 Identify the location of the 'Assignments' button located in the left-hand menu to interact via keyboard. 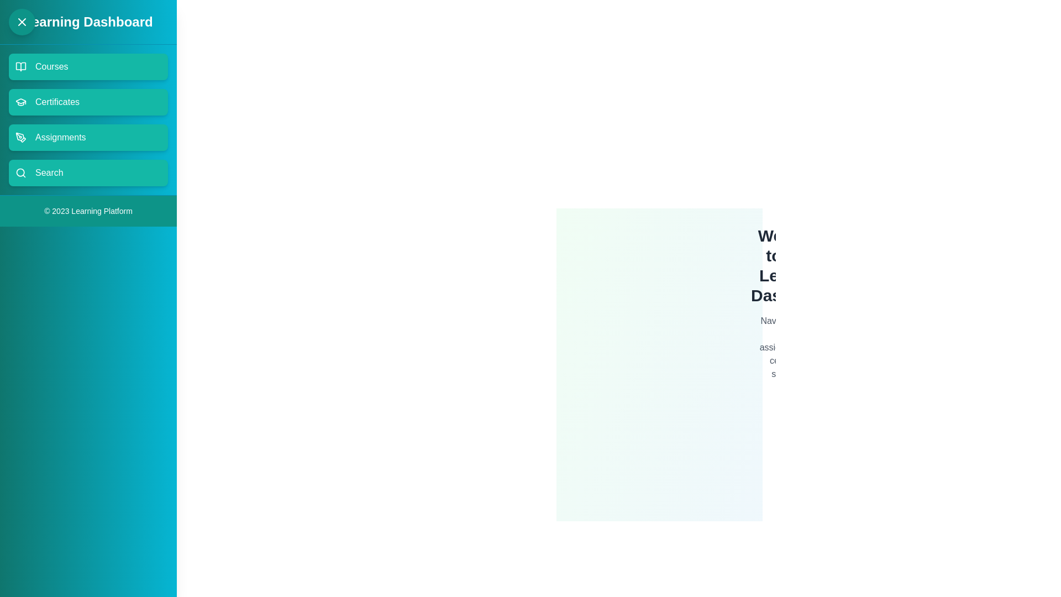
(87, 137).